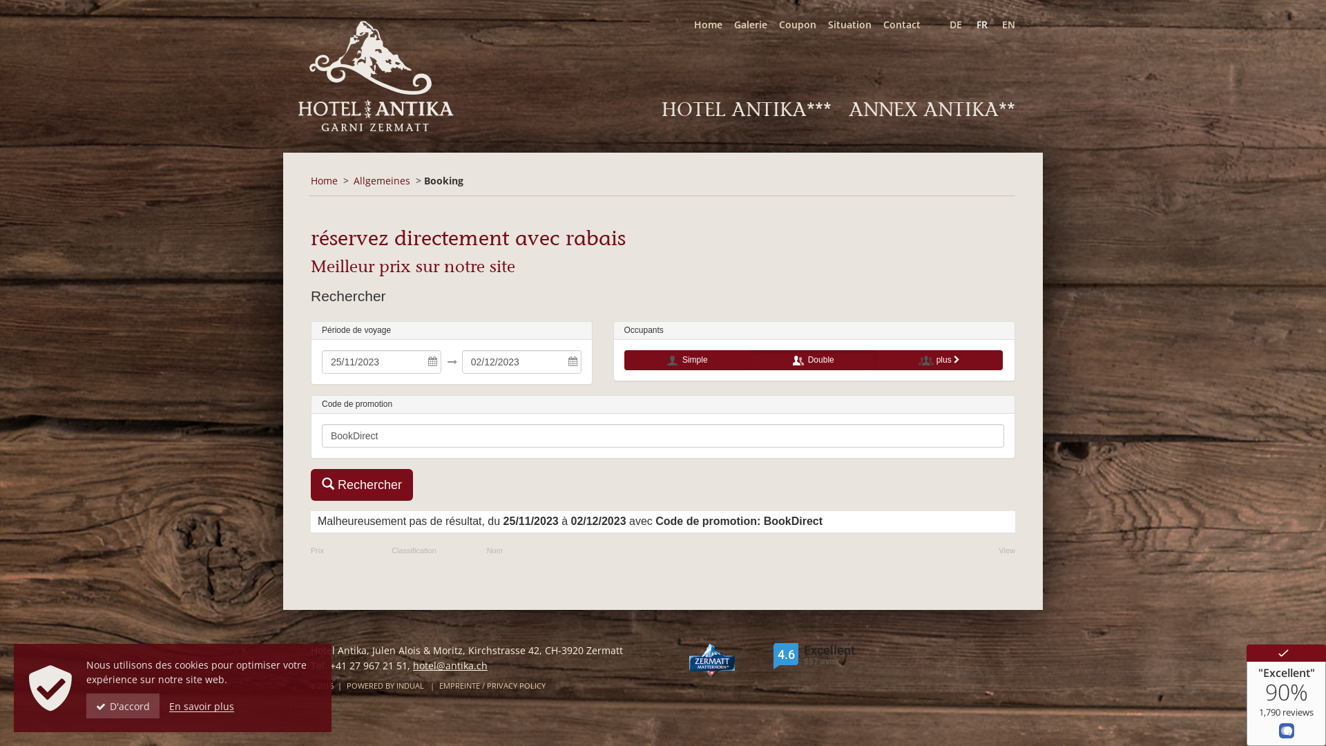 The width and height of the screenshot is (1326, 746). What do you see at coordinates (85, 706) in the screenshot?
I see `'D'accord'` at bounding box center [85, 706].